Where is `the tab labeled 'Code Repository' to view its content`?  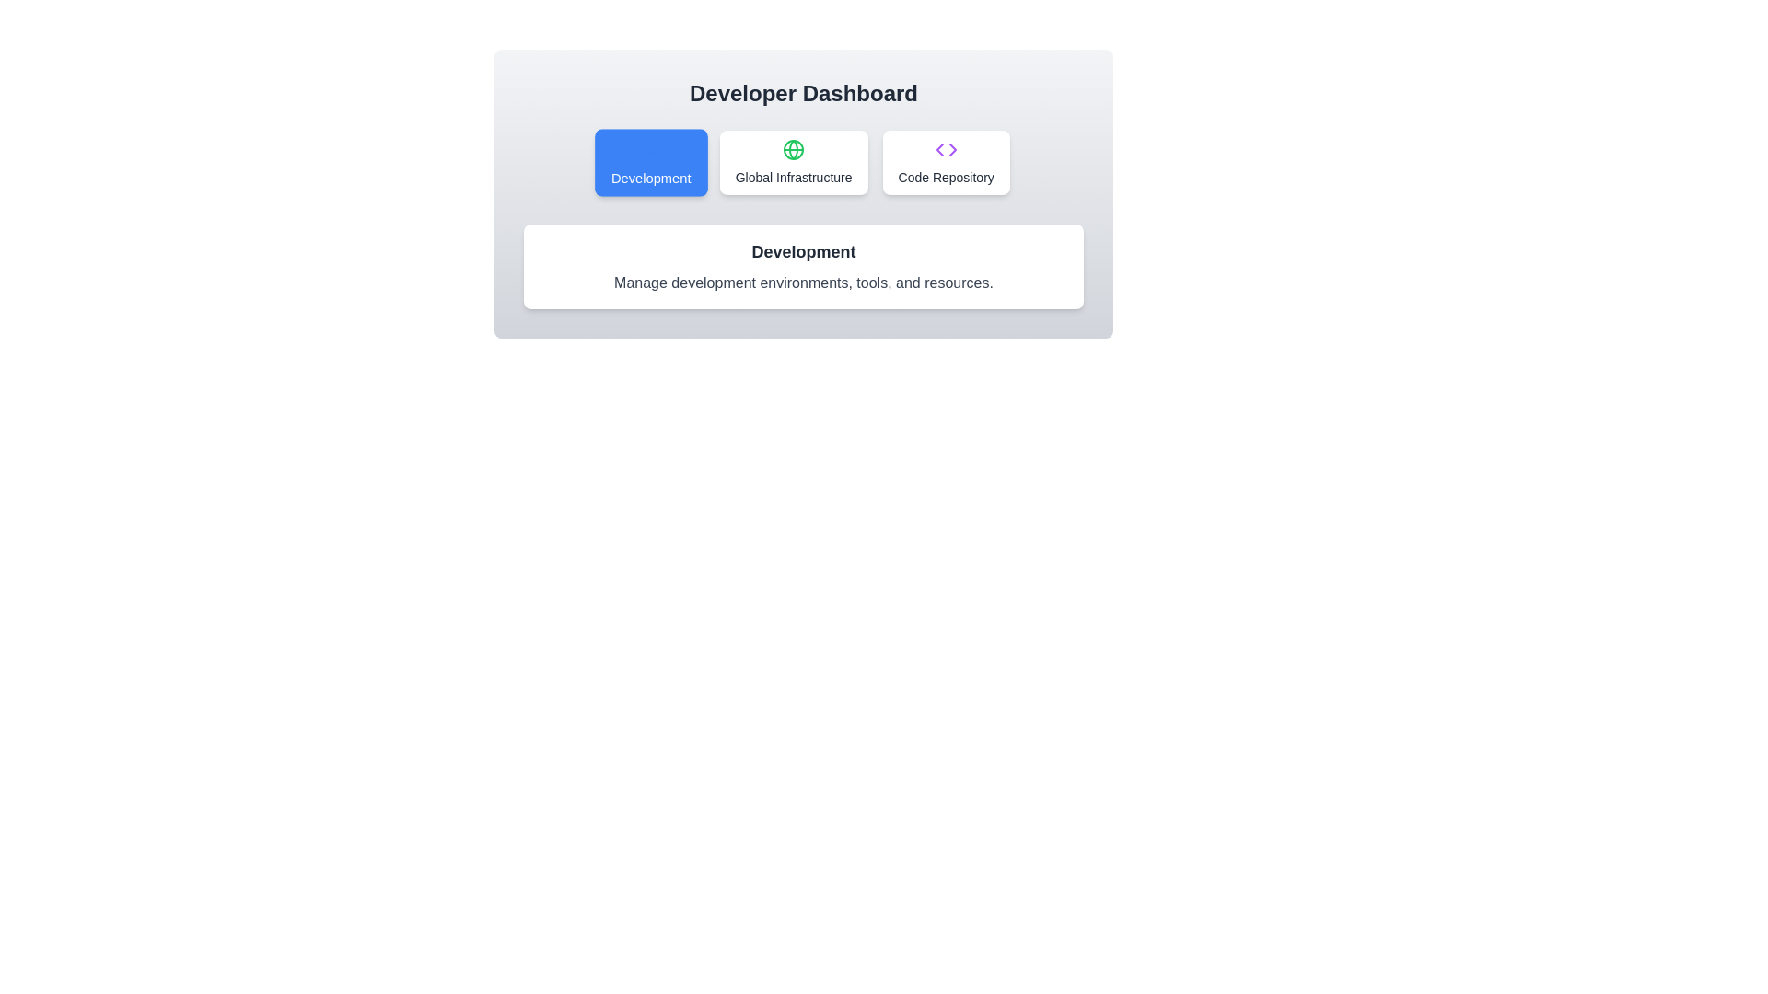 the tab labeled 'Code Repository' to view its content is located at coordinates (946, 162).